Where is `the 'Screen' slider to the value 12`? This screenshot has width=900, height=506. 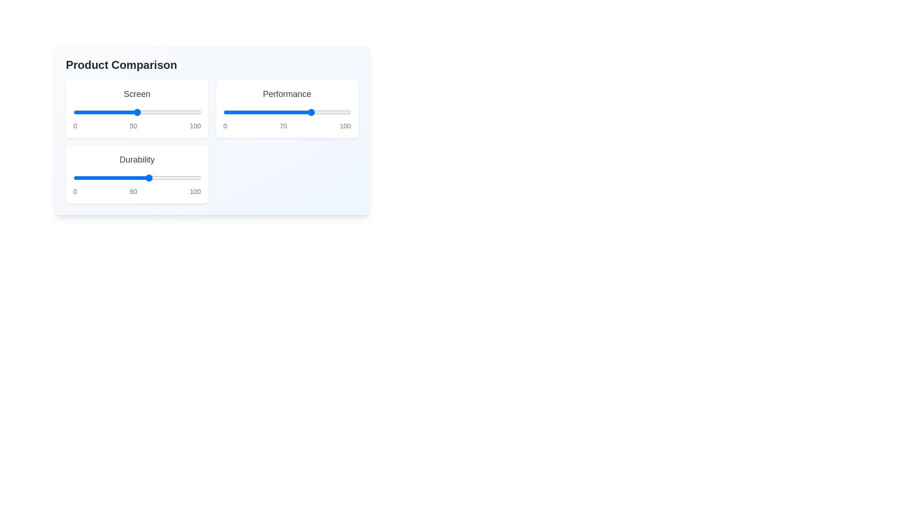 the 'Screen' slider to the value 12 is located at coordinates (89, 112).